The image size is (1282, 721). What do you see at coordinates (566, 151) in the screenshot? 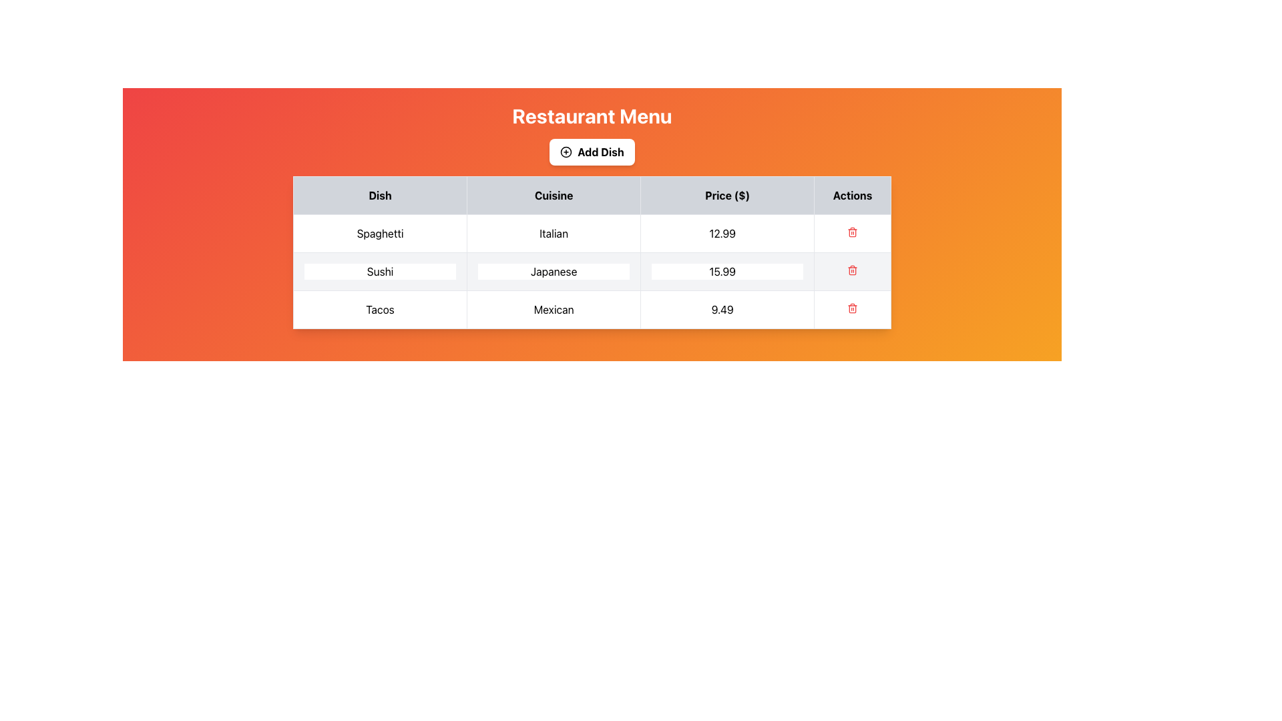
I see `the circular icon with a plus sign (+) inside it` at bounding box center [566, 151].